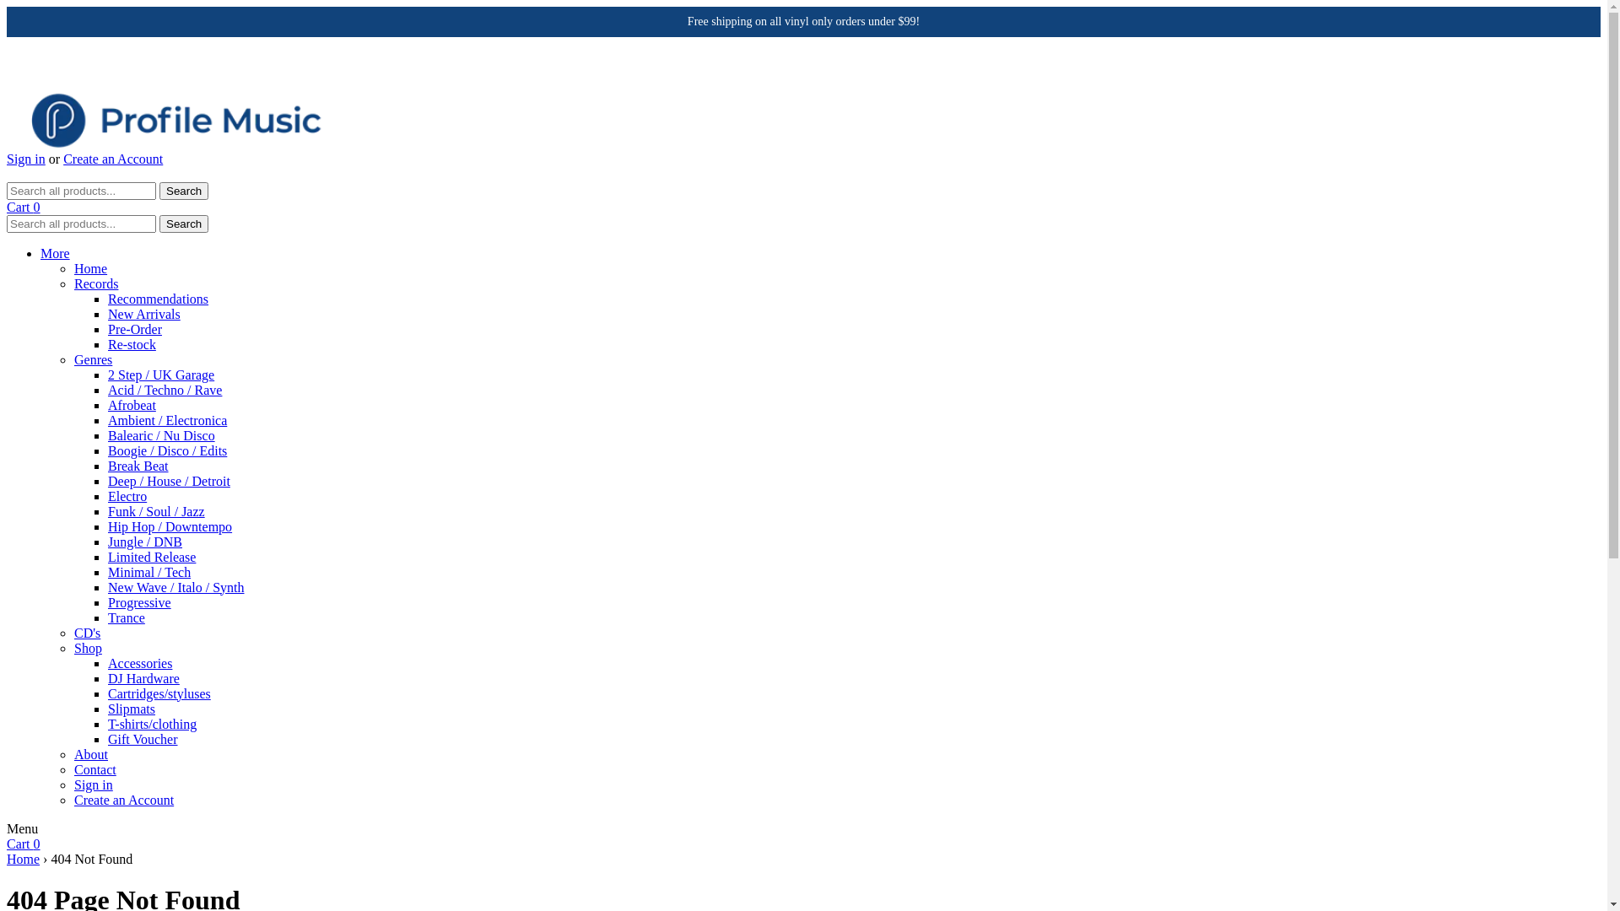 The height and width of the screenshot is (911, 1620). What do you see at coordinates (161, 374) in the screenshot?
I see `'2 Step / UK Garage'` at bounding box center [161, 374].